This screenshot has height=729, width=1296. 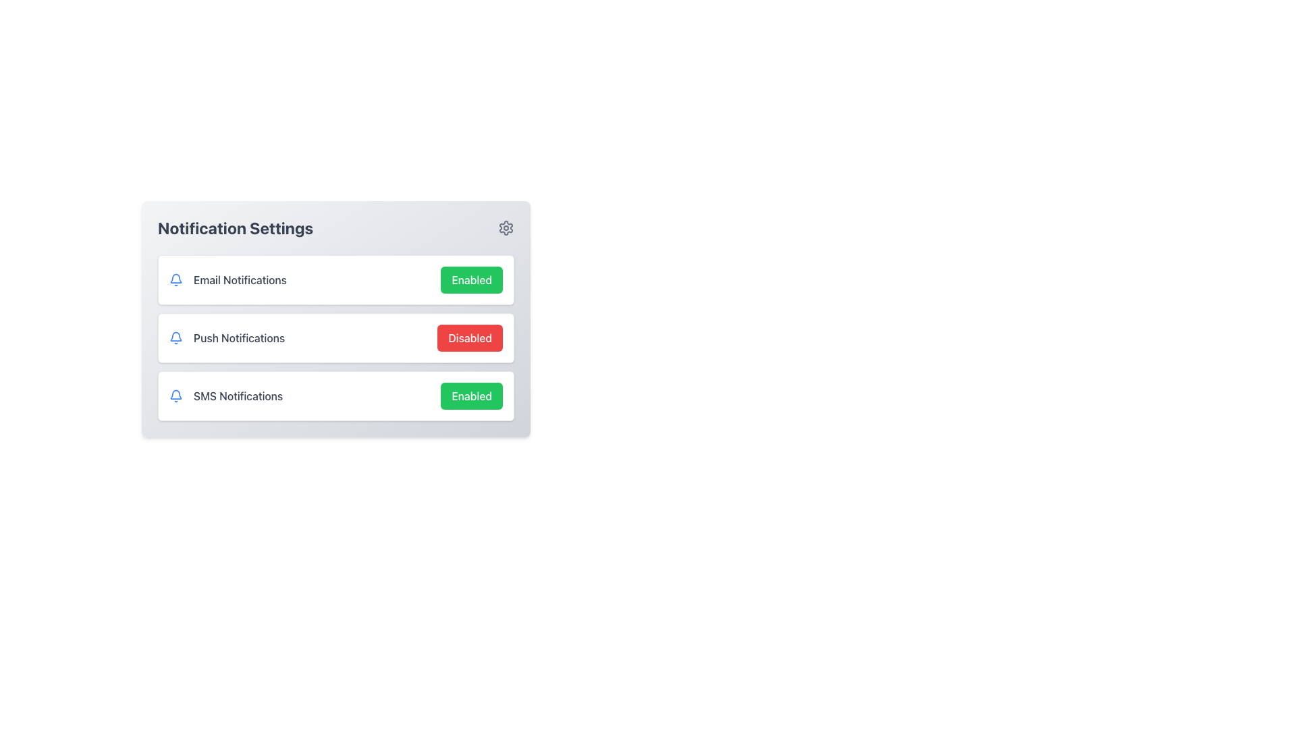 What do you see at coordinates (472, 279) in the screenshot?
I see `the green button labeled 'Enabled' in the 'Email Notifications' section` at bounding box center [472, 279].